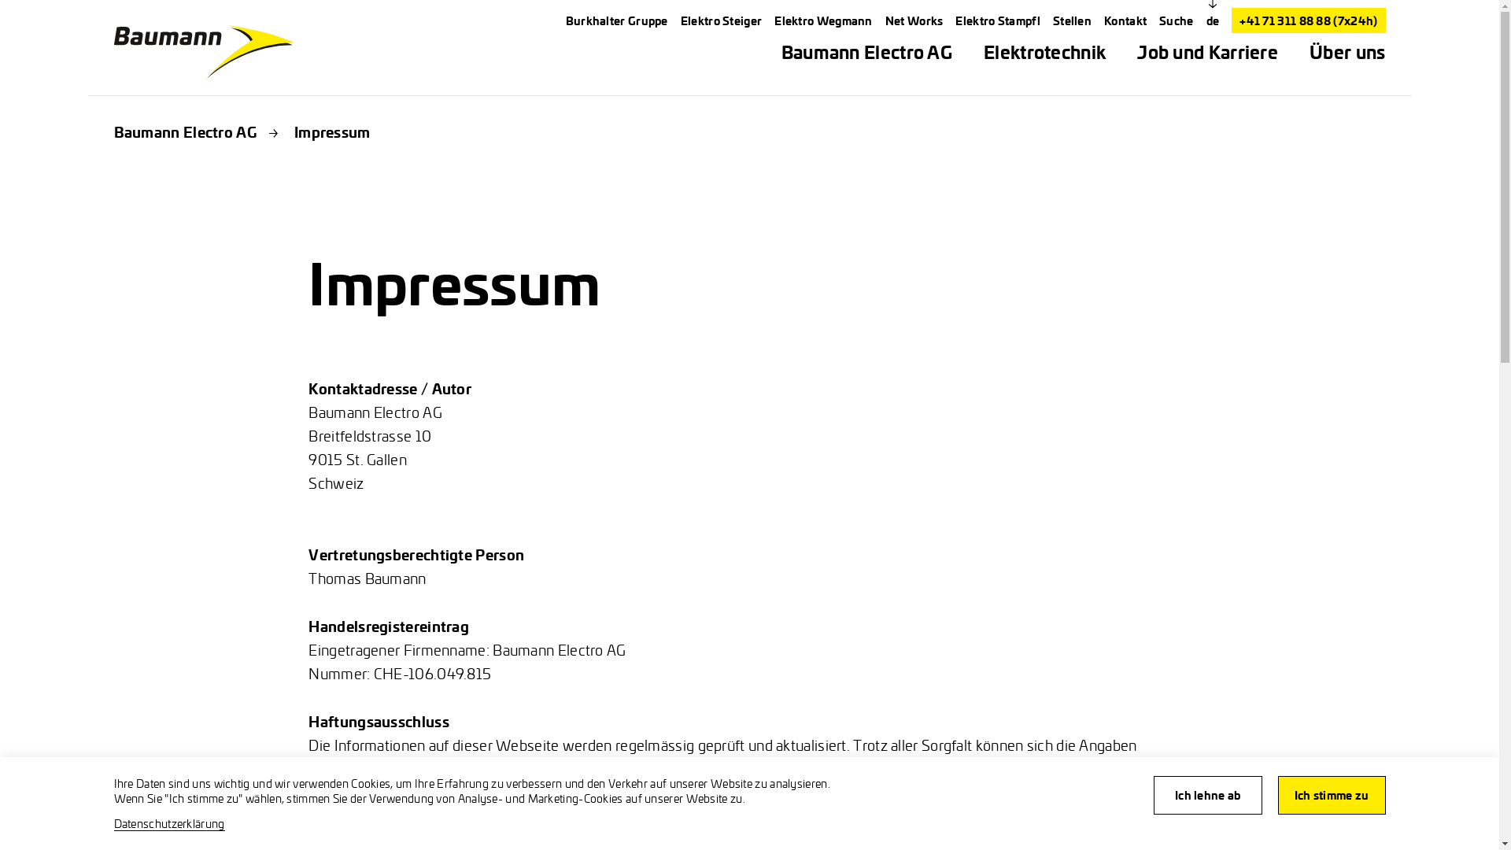 The height and width of the screenshot is (850, 1511). I want to click on '+41 71 311 88 88 (7x24h)', so click(1308, 20).